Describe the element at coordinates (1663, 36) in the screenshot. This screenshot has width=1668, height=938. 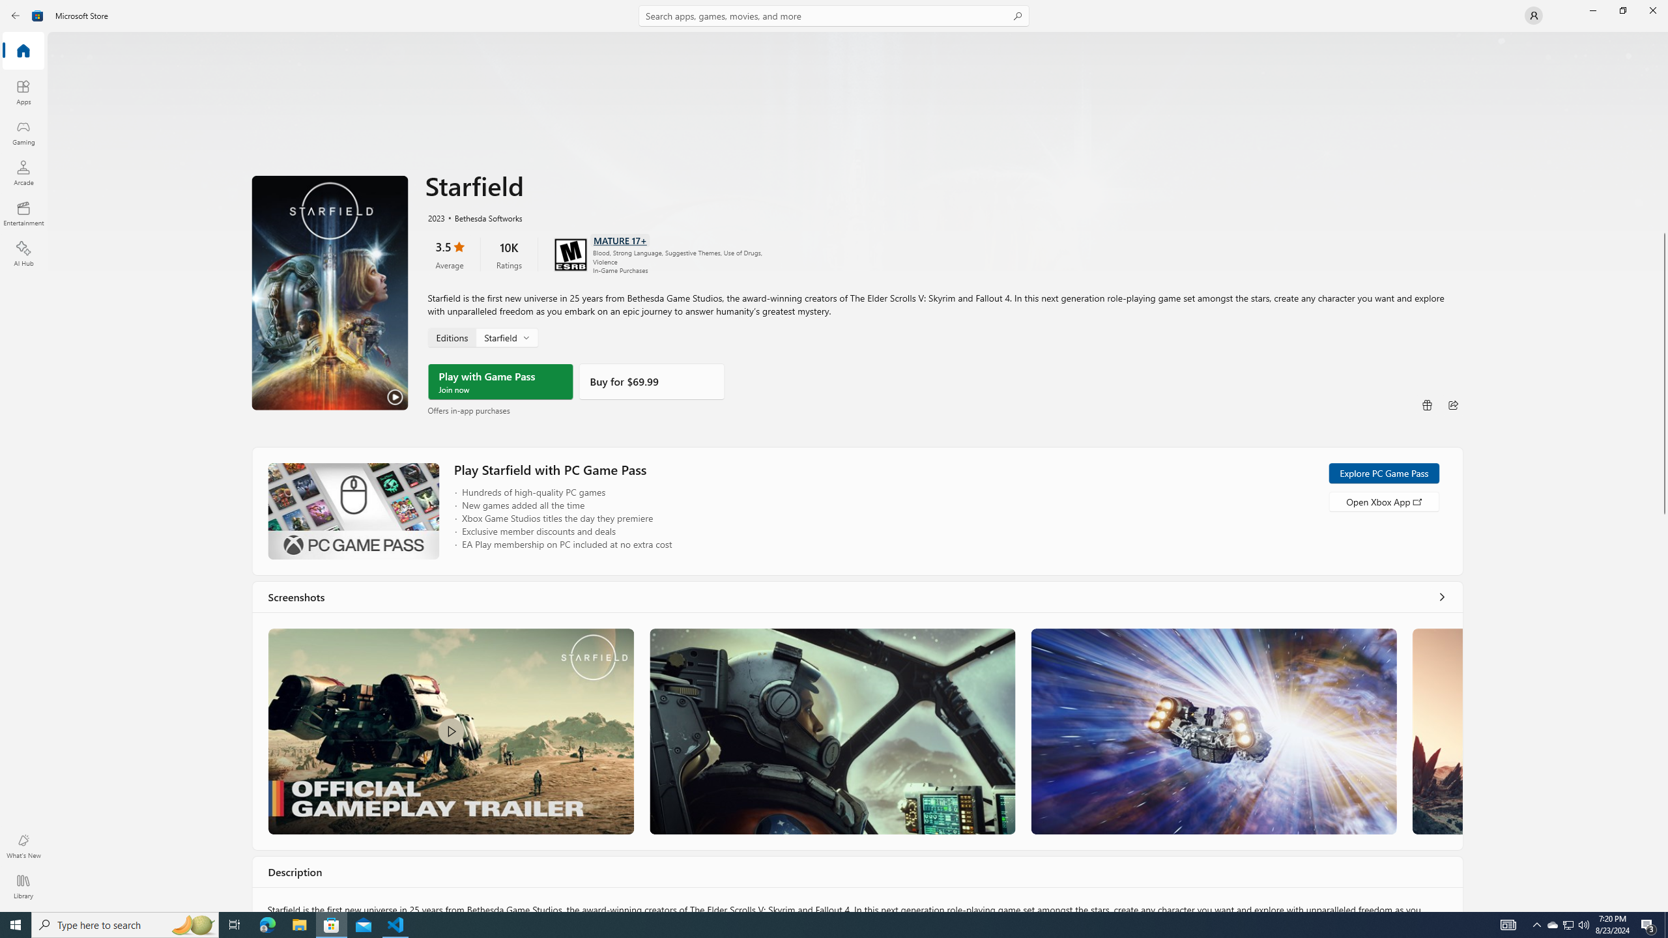
I see `'Vertical Small Decrease'` at that location.